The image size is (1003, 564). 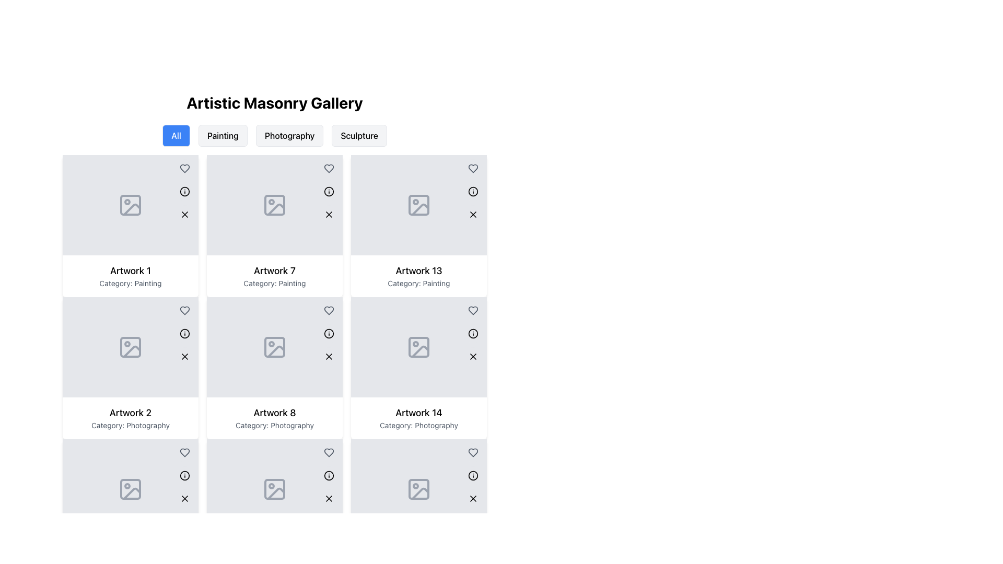 I want to click on the heart-shaped icon outlined in gray located at the top right of the 'Artwork 2' card to favorite the item, so click(x=185, y=452).